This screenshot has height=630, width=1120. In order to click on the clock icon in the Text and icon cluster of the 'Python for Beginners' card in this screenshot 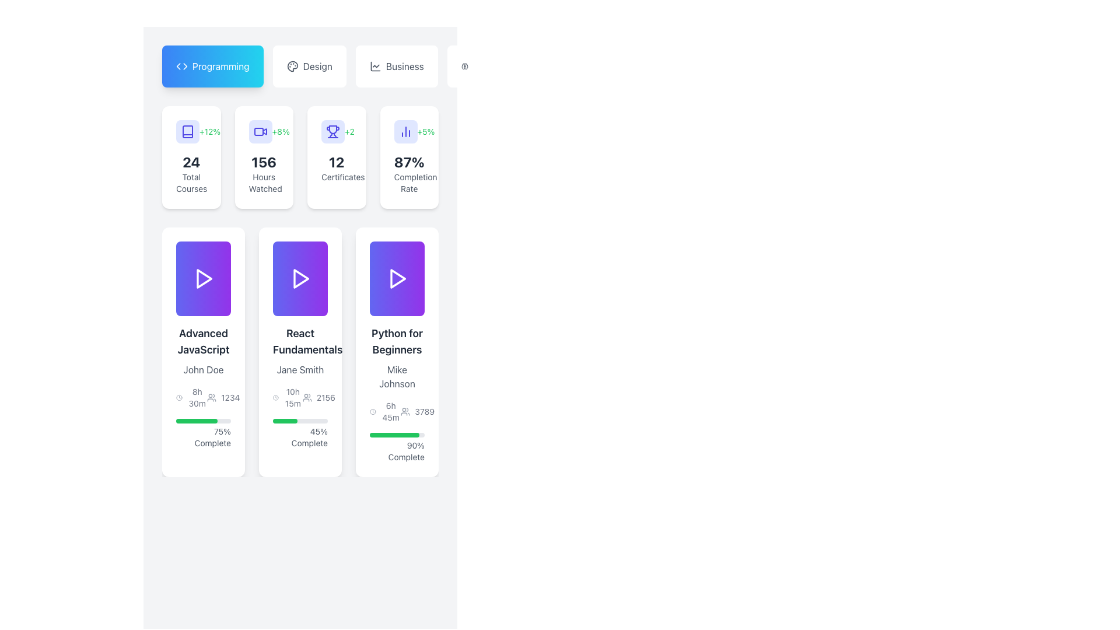, I will do `click(397, 411)`.